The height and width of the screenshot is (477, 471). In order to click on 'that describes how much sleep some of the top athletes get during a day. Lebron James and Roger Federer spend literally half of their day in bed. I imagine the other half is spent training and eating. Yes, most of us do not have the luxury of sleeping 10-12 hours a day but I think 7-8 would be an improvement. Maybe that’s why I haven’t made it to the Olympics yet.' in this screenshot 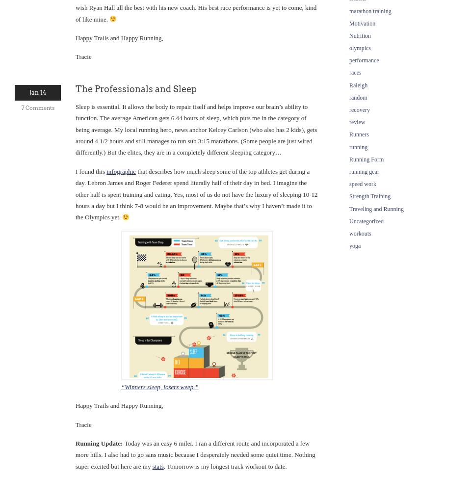, I will do `click(75, 194)`.